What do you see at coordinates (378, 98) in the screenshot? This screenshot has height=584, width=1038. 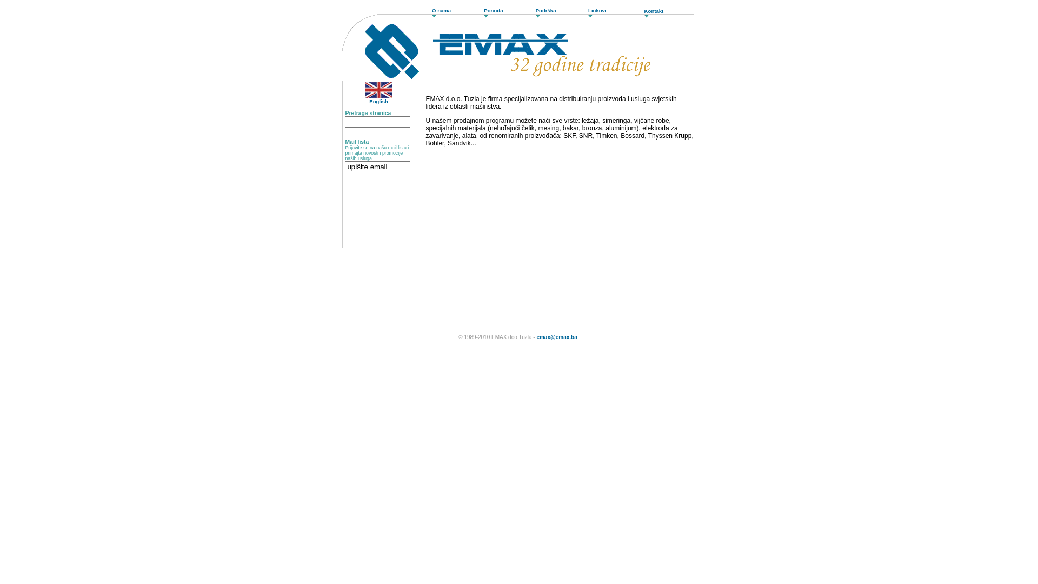 I see `'English'` at bounding box center [378, 98].